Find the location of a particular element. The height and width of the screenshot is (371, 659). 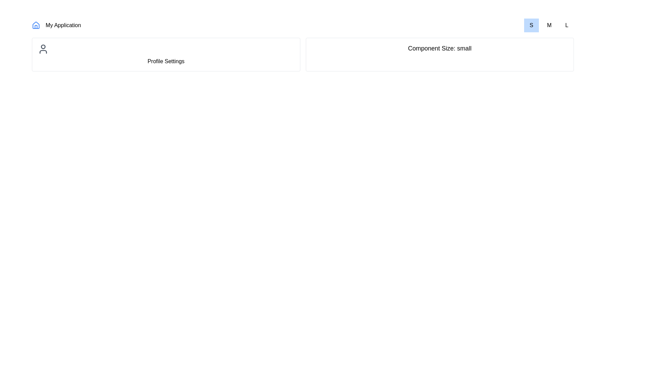

the button labeled 'M' which is located in the upper-right of the layout among the buttons 'S', 'M', and 'L' for additional information is located at coordinates (548, 25).